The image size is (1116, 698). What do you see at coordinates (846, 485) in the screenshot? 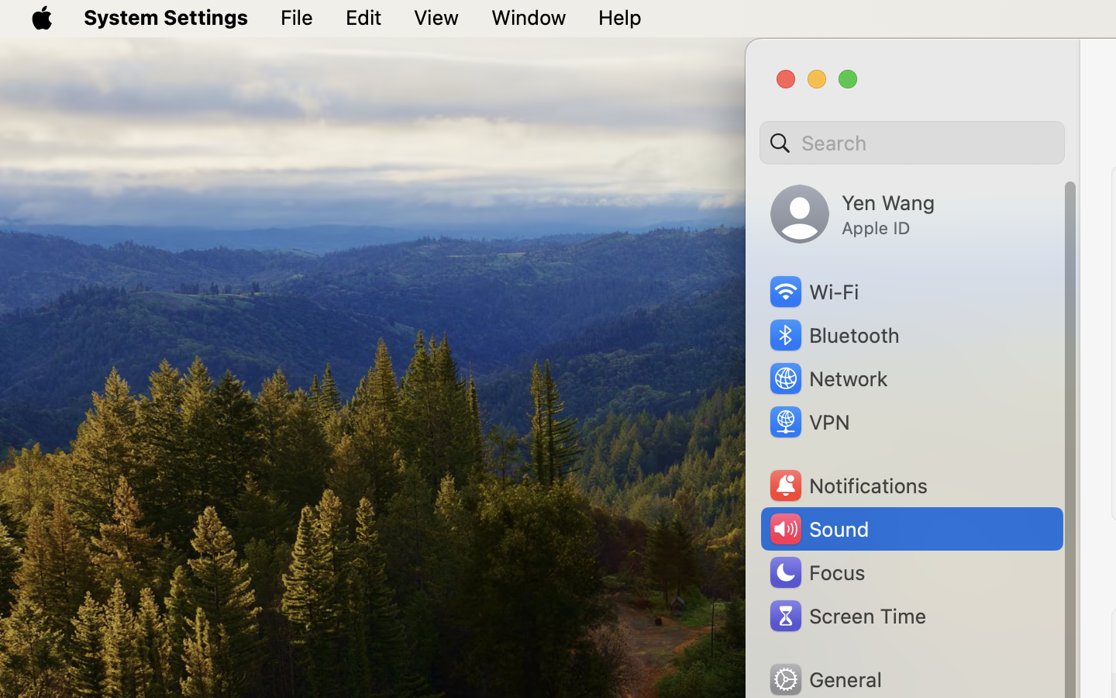
I see `'Notifications'` at bounding box center [846, 485].